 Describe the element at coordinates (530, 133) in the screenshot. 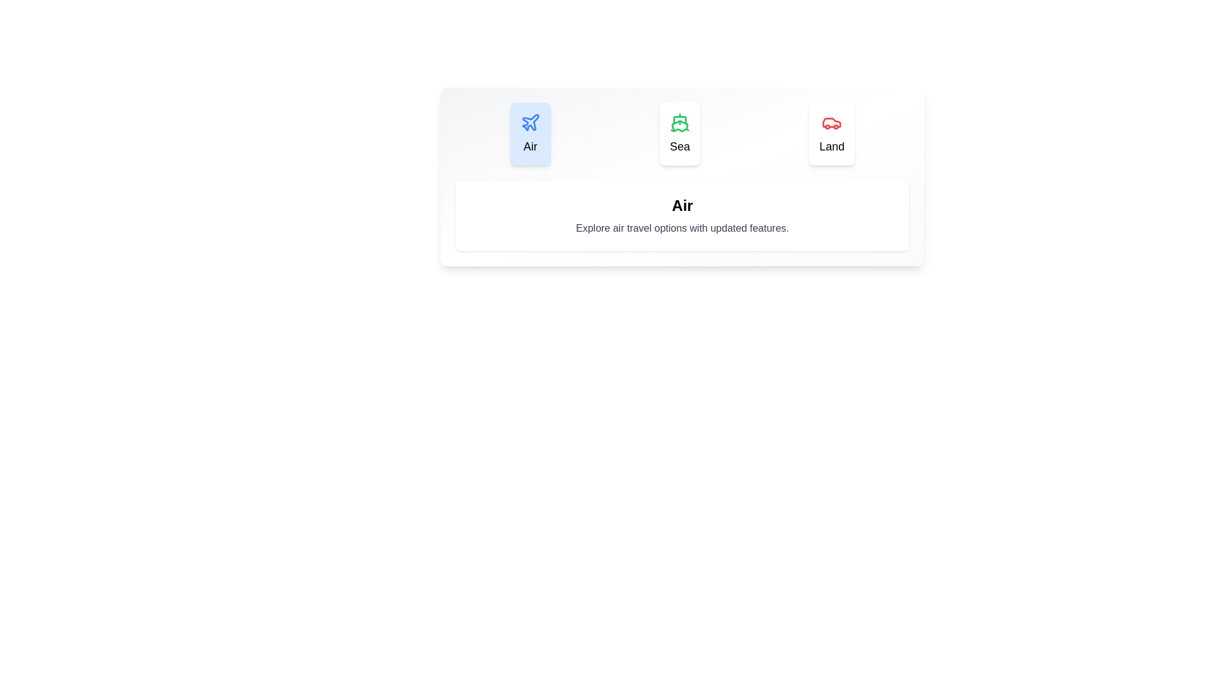

I see `the button corresponding to the selected mode of transportation: Air` at that location.